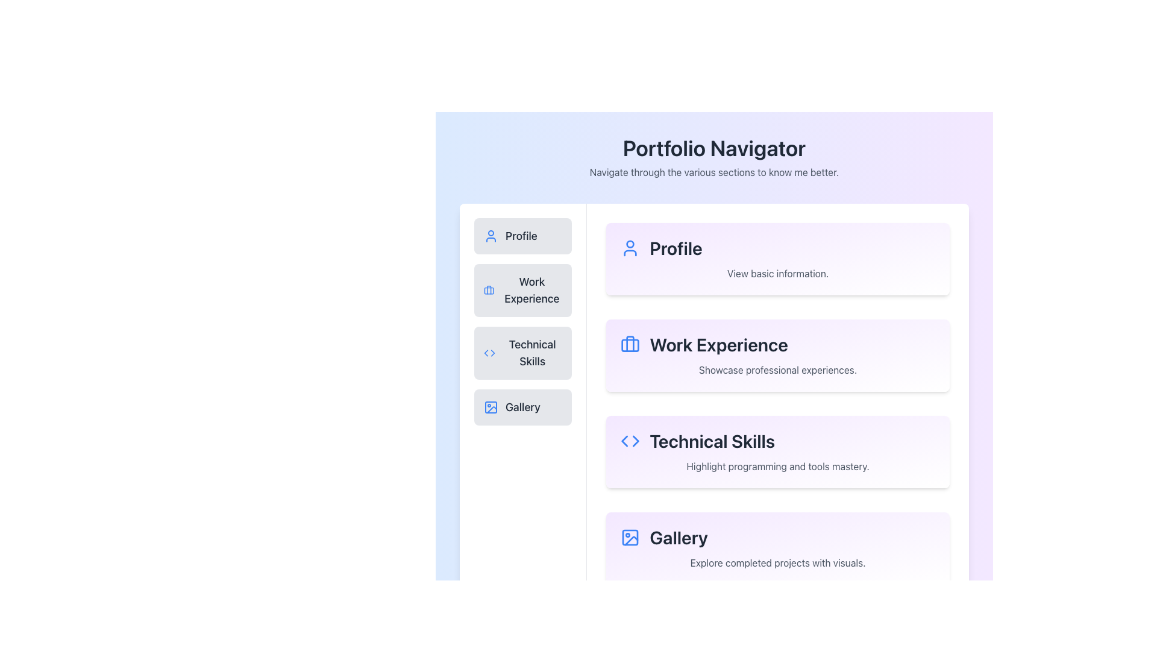 This screenshot has width=1157, height=651. Describe the element at coordinates (778, 441) in the screenshot. I see `the text label that reads 'Technical Skills' located on the right-hand side of the interface, positioned below the 'Work Experience' header` at that location.